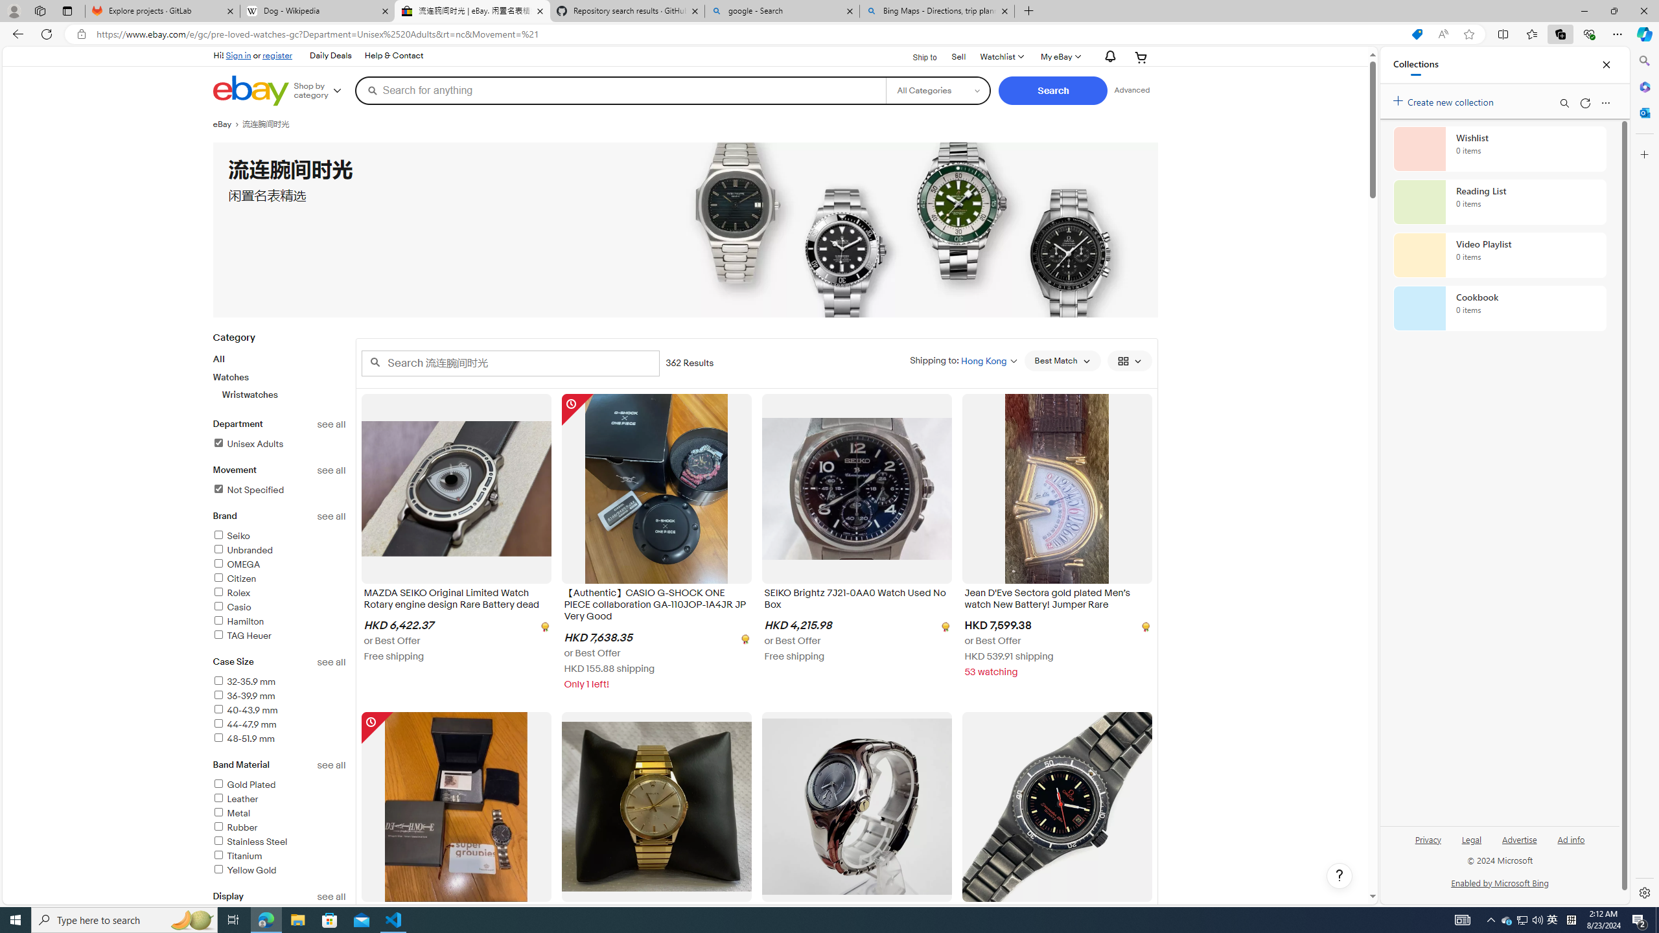  Describe the element at coordinates (13, 10) in the screenshot. I see `'Personal Profile'` at that location.